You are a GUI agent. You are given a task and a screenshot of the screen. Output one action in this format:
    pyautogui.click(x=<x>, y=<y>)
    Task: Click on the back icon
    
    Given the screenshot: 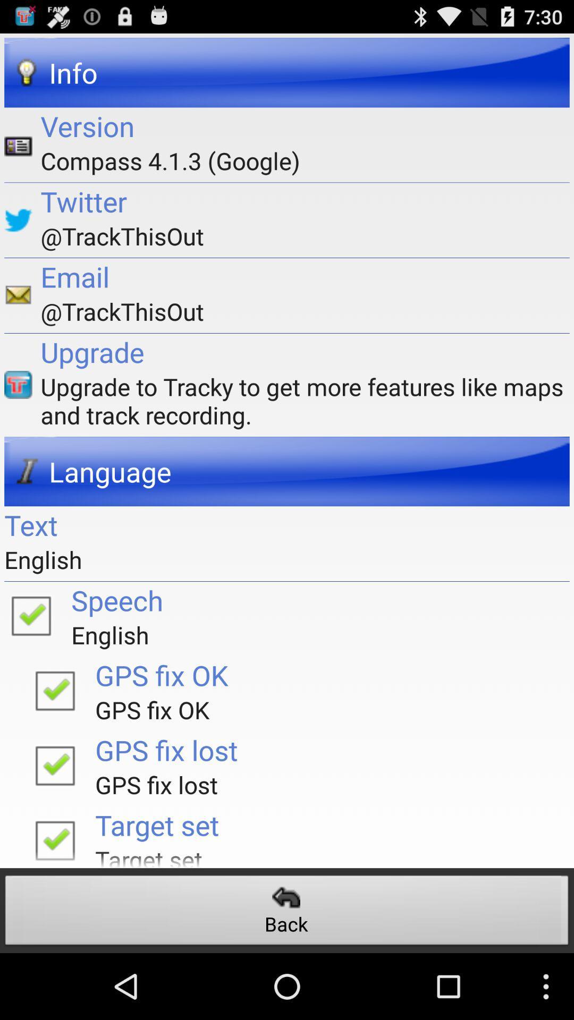 What is the action you would take?
    pyautogui.click(x=287, y=913)
    